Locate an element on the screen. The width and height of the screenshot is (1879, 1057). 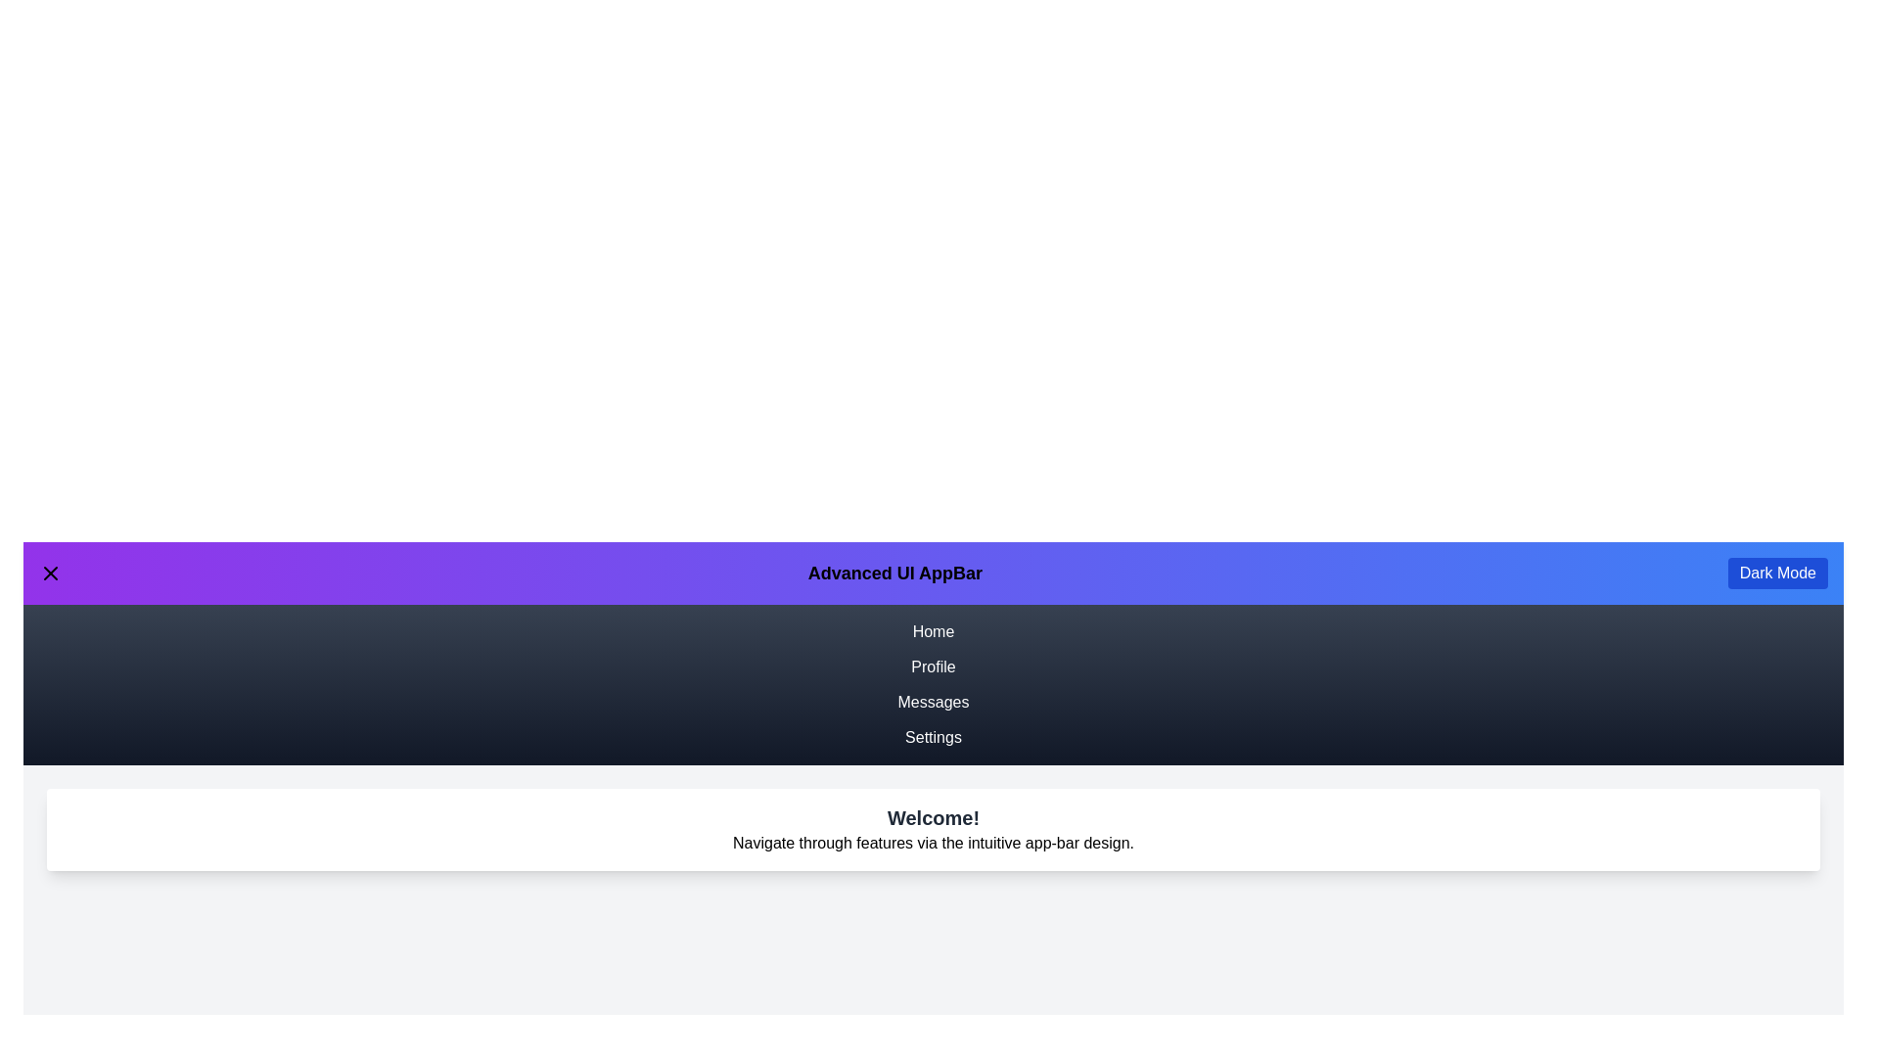
the navigation link Settings is located at coordinates (933, 737).